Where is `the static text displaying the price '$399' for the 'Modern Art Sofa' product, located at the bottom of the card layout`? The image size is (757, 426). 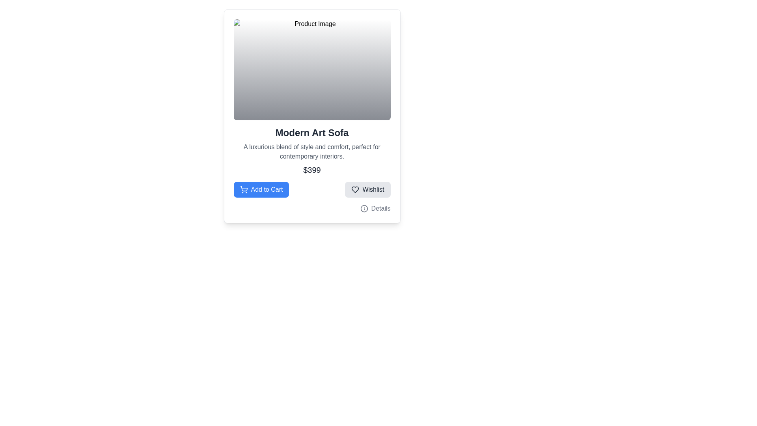 the static text displaying the price '$399' for the 'Modern Art Sofa' product, located at the bottom of the card layout is located at coordinates (311, 170).